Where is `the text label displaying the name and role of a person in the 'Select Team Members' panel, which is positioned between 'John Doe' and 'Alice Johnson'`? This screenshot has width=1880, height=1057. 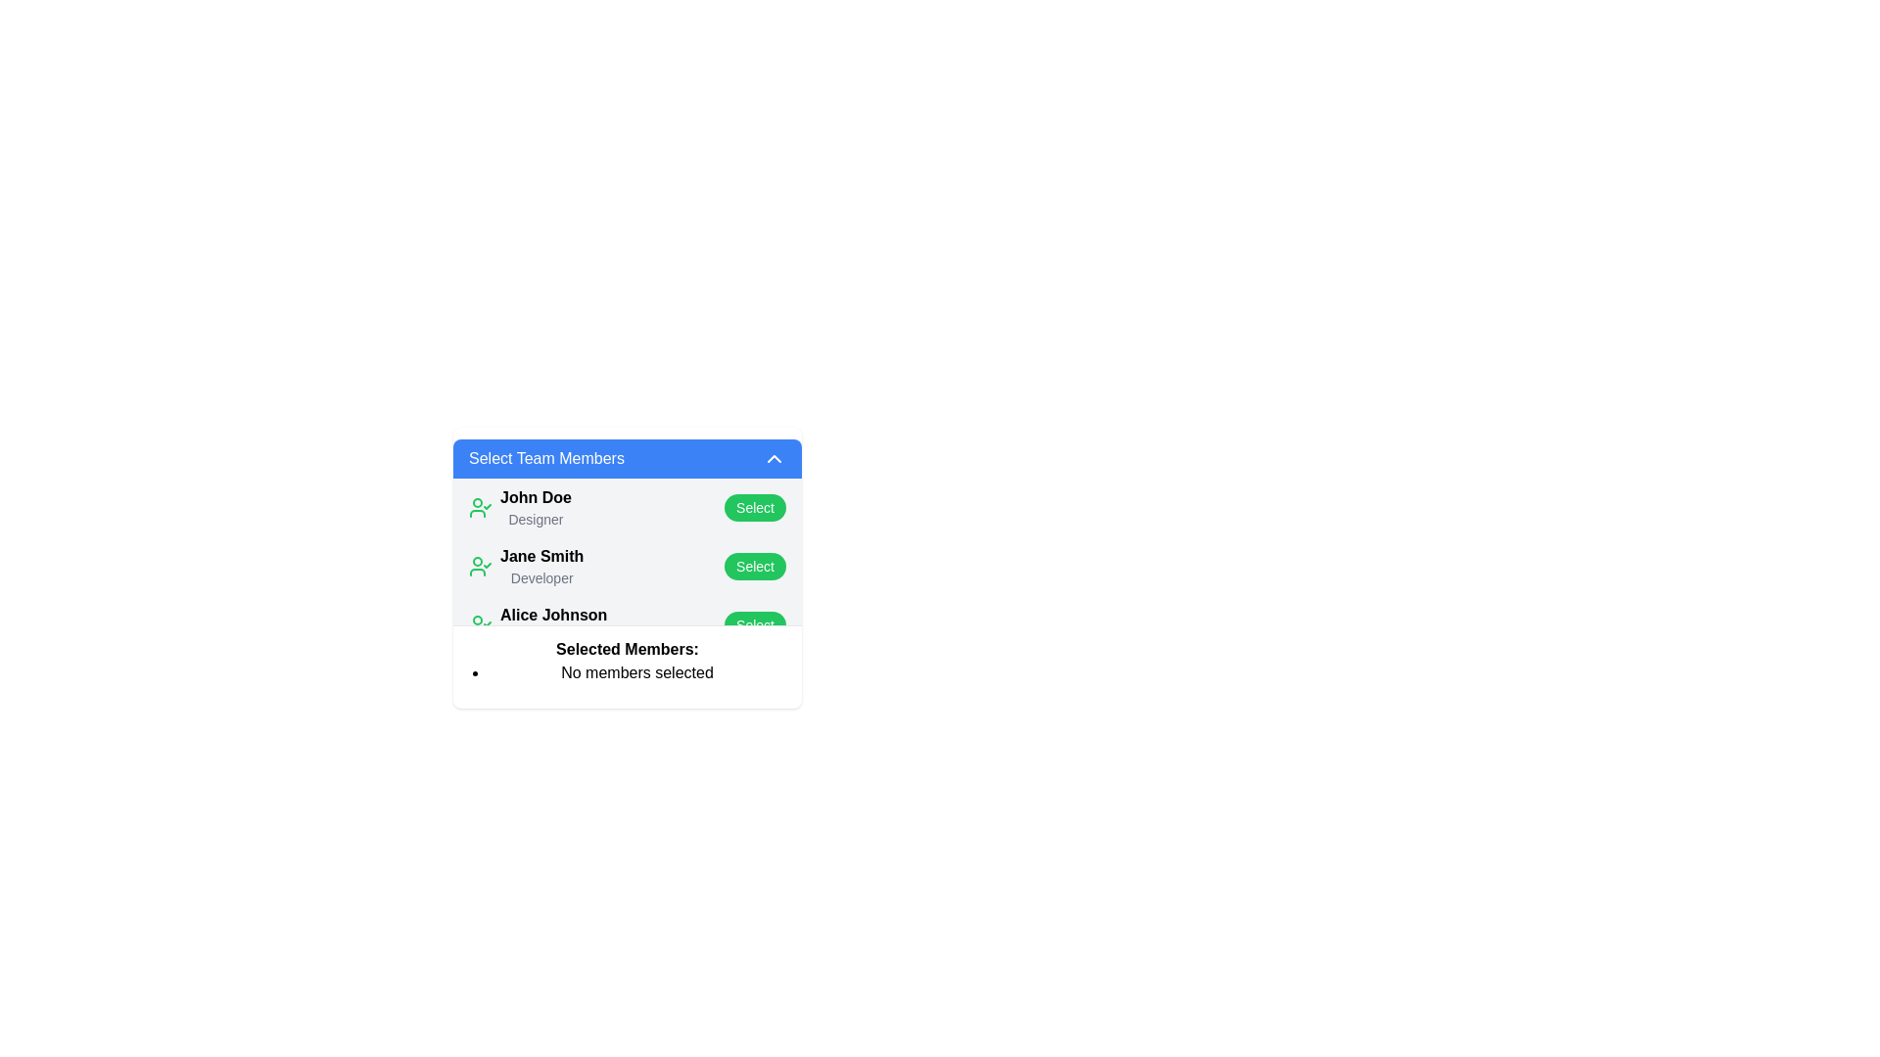
the text label displaying the name and role of a person in the 'Select Team Members' panel, which is positioned between 'John Doe' and 'Alice Johnson' is located at coordinates (541, 566).